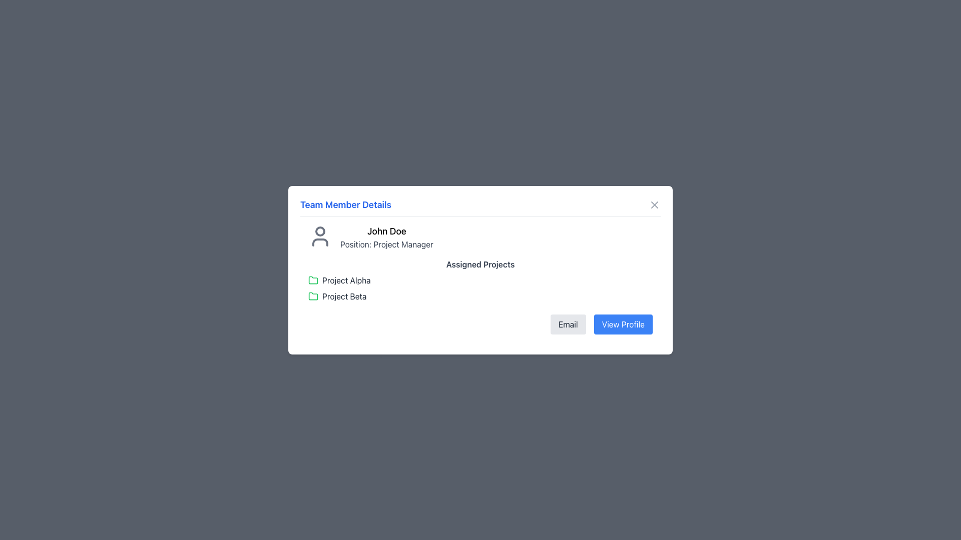  Describe the element at coordinates (655, 203) in the screenshot. I see `the close button (X) located at the top-right corner of the 'Team Member Details' modal` at that location.